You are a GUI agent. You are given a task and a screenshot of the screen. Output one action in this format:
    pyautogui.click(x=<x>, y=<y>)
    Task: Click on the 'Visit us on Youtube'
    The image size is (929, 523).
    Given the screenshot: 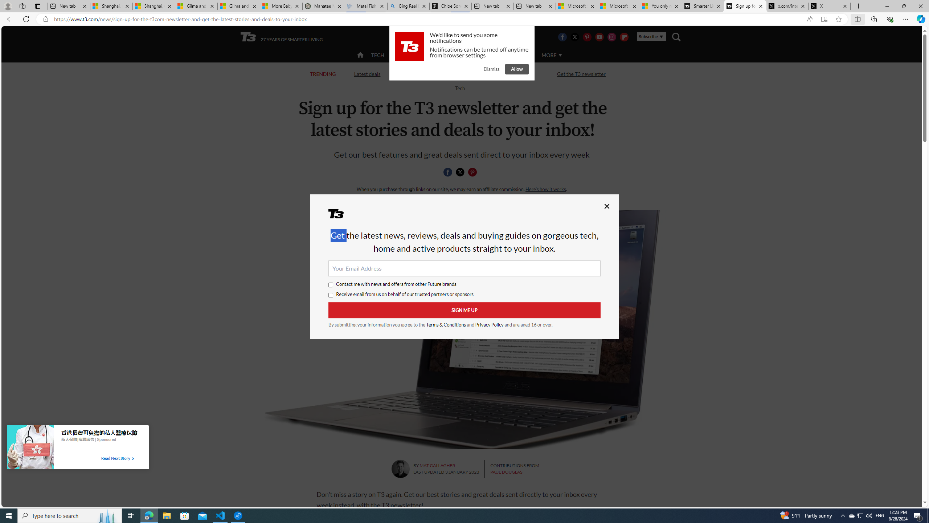 What is the action you would take?
    pyautogui.click(x=599, y=36)
    